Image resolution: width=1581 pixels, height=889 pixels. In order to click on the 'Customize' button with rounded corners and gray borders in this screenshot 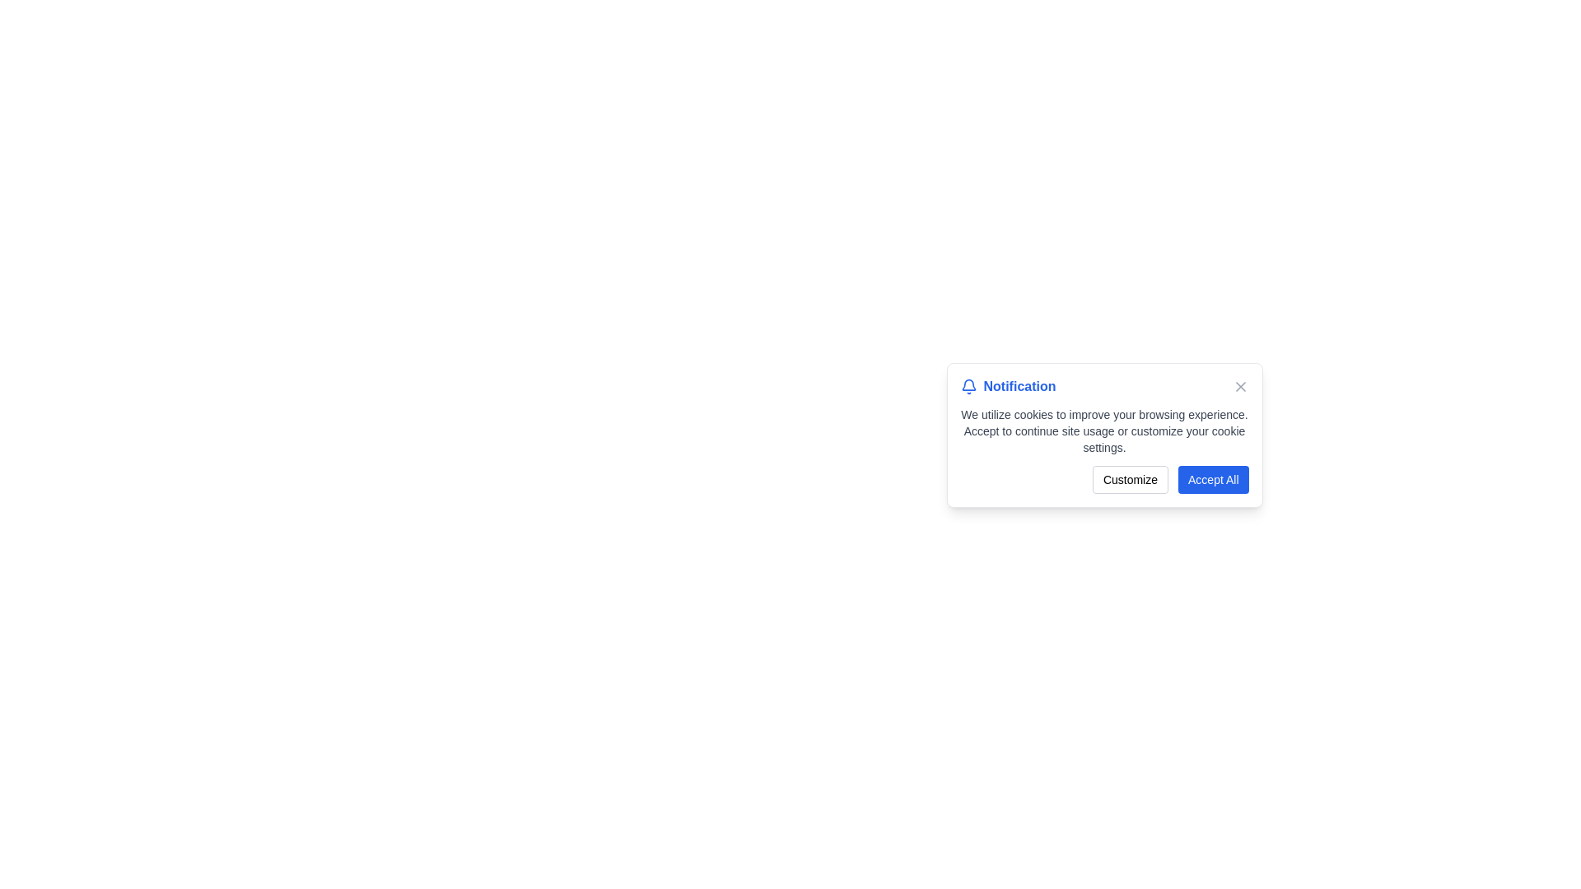, I will do `click(1129, 479)`.